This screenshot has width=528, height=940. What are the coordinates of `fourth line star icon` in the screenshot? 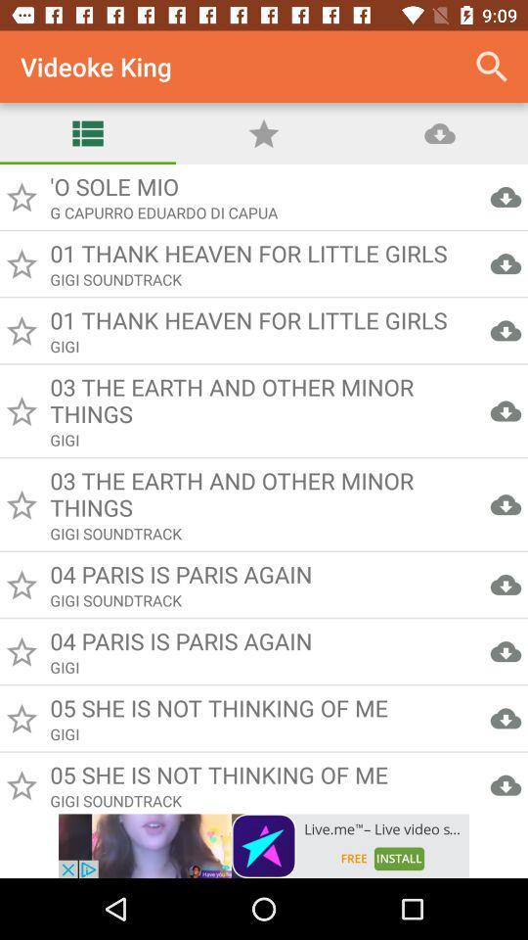 It's located at (21, 410).